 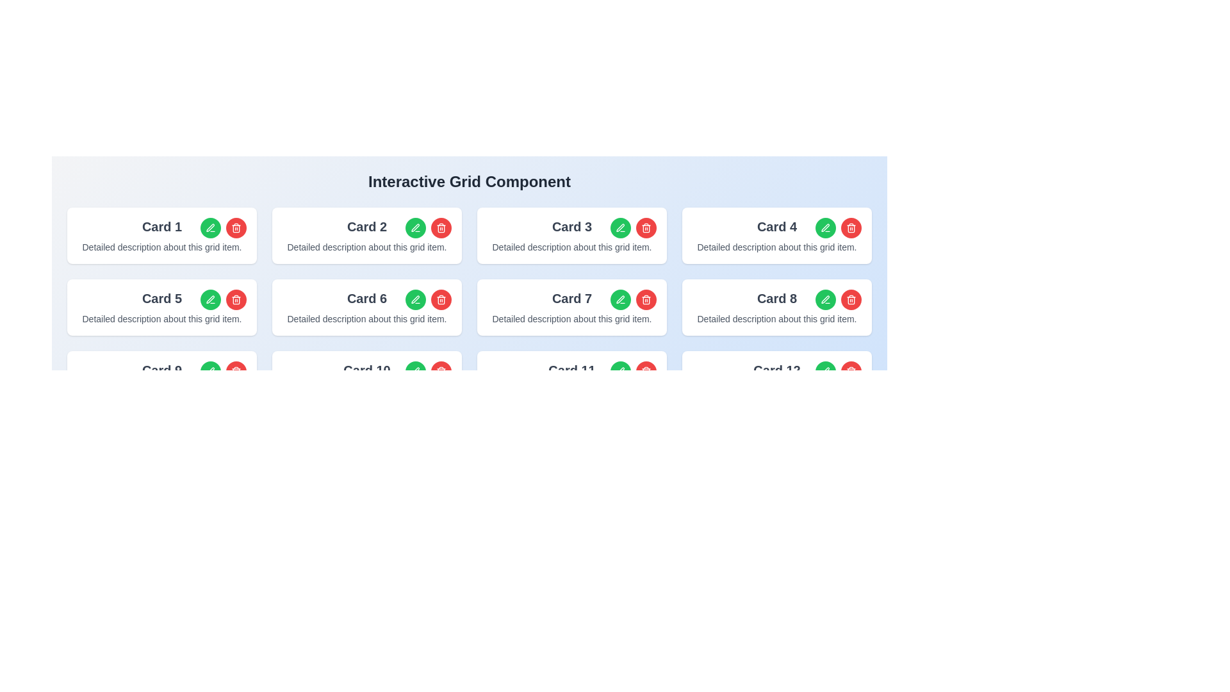 I want to click on the edit icon represented by a pen shape located within 'Card 8' in the interactive grid layout, so click(x=825, y=299).